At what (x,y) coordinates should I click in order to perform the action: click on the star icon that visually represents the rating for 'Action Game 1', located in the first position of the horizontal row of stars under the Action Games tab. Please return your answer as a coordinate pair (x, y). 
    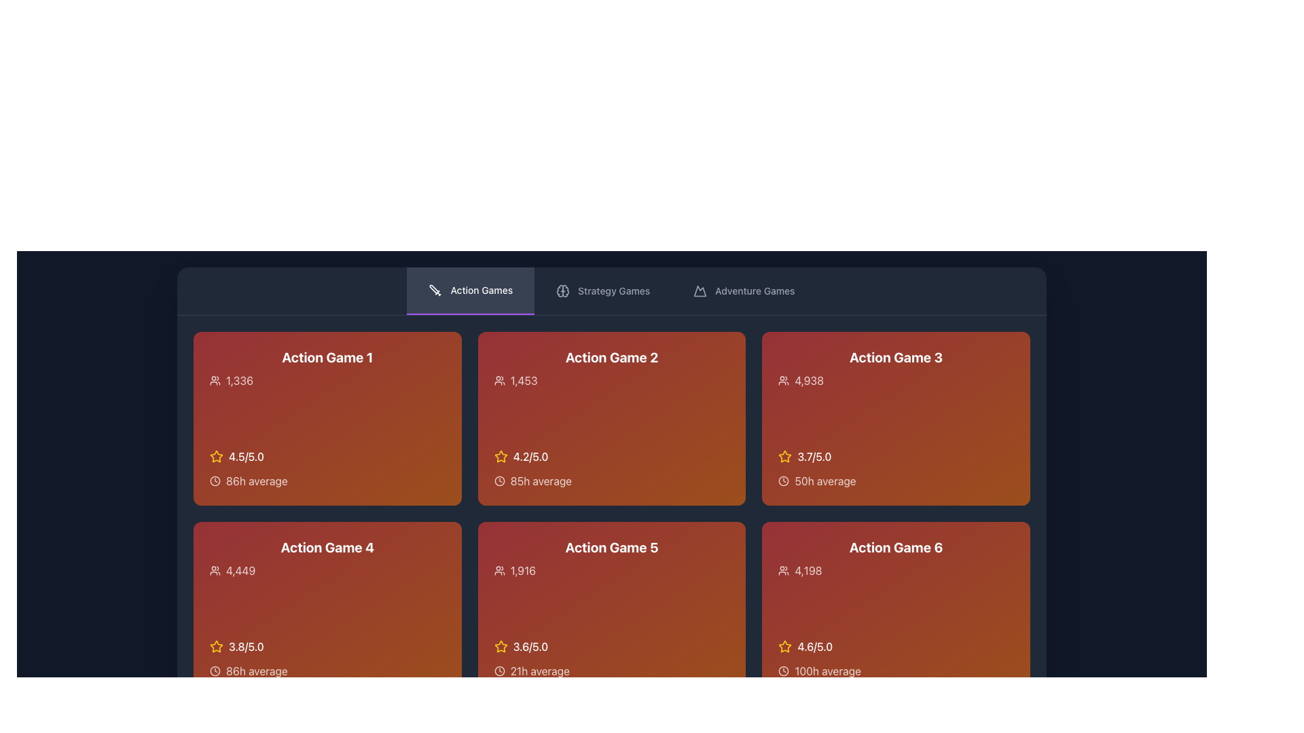
    Looking at the image, I should click on (215, 456).